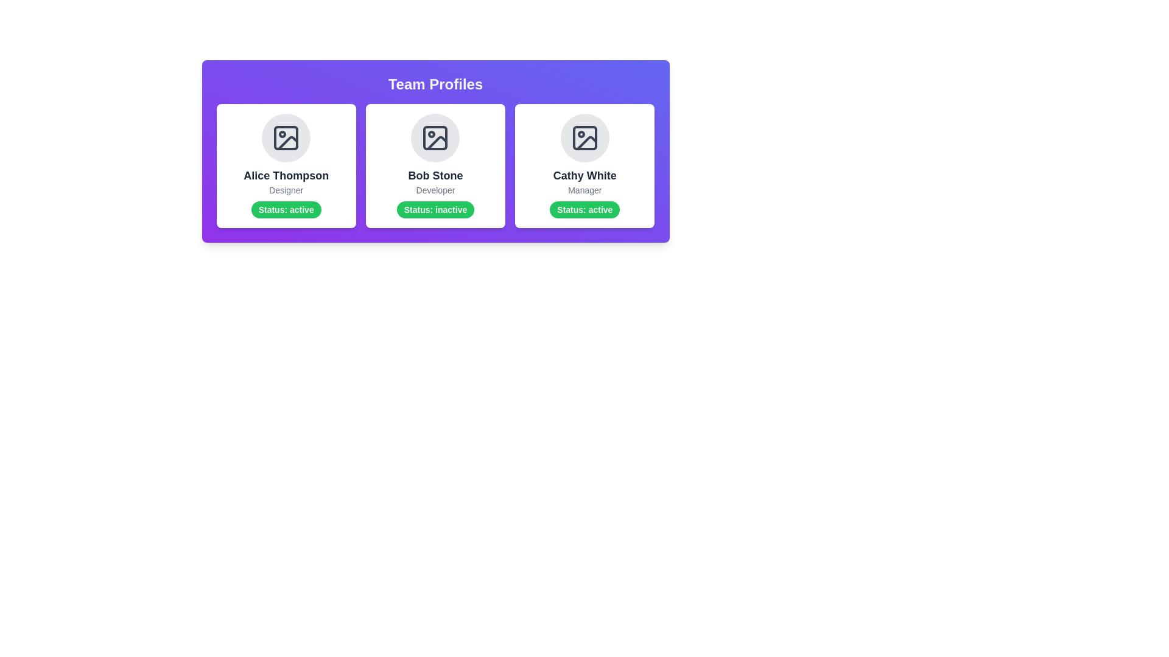 This screenshot has height=657, width=1169. What do you see at coordinates (435, 137) in the screenshot?
I see `image placeholder icon resembling a picture frame with a mountain and a sun, located in the second avatar slot of the 'Team Profiles' section above the name 'Bob Stone'` at bounding box center [435, 137].